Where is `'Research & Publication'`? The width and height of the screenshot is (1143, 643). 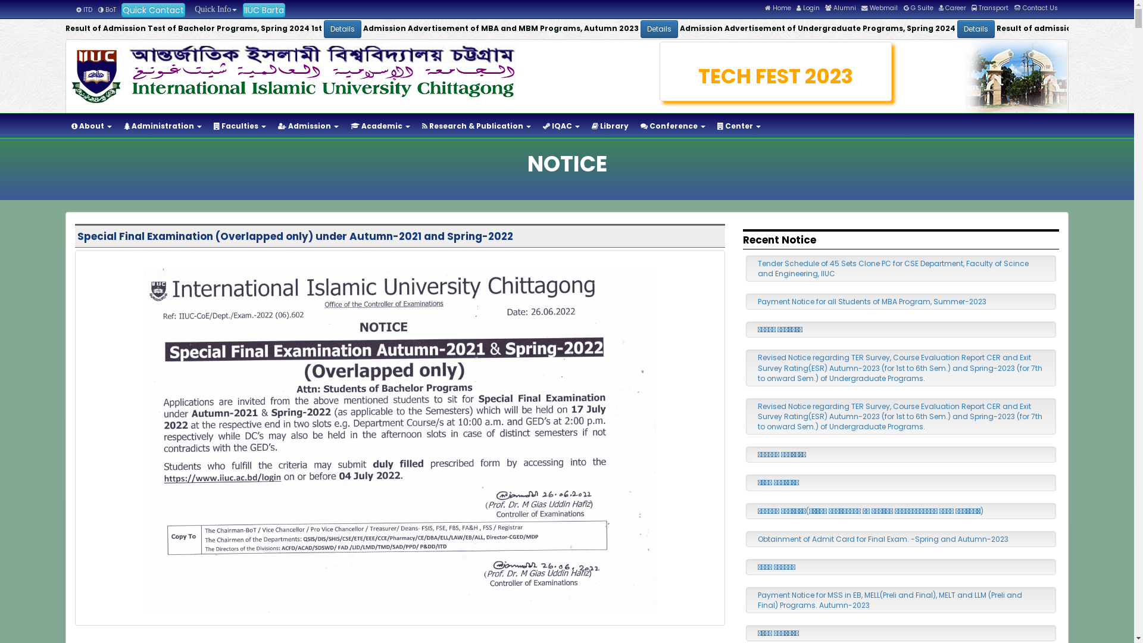 'Research & Publication' is located at coordinates (476, 126).